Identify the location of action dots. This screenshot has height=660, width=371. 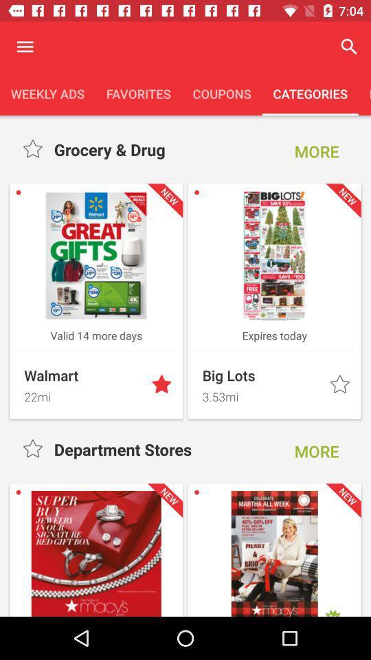
(25, 47).